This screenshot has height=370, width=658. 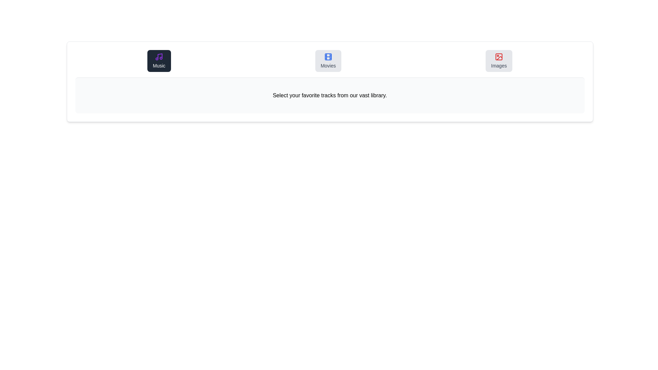 What do you see at coordinates (328, 60) in the screenshot?
I see `the icon and label of the tab Movies` at bounding box center [328, 60].